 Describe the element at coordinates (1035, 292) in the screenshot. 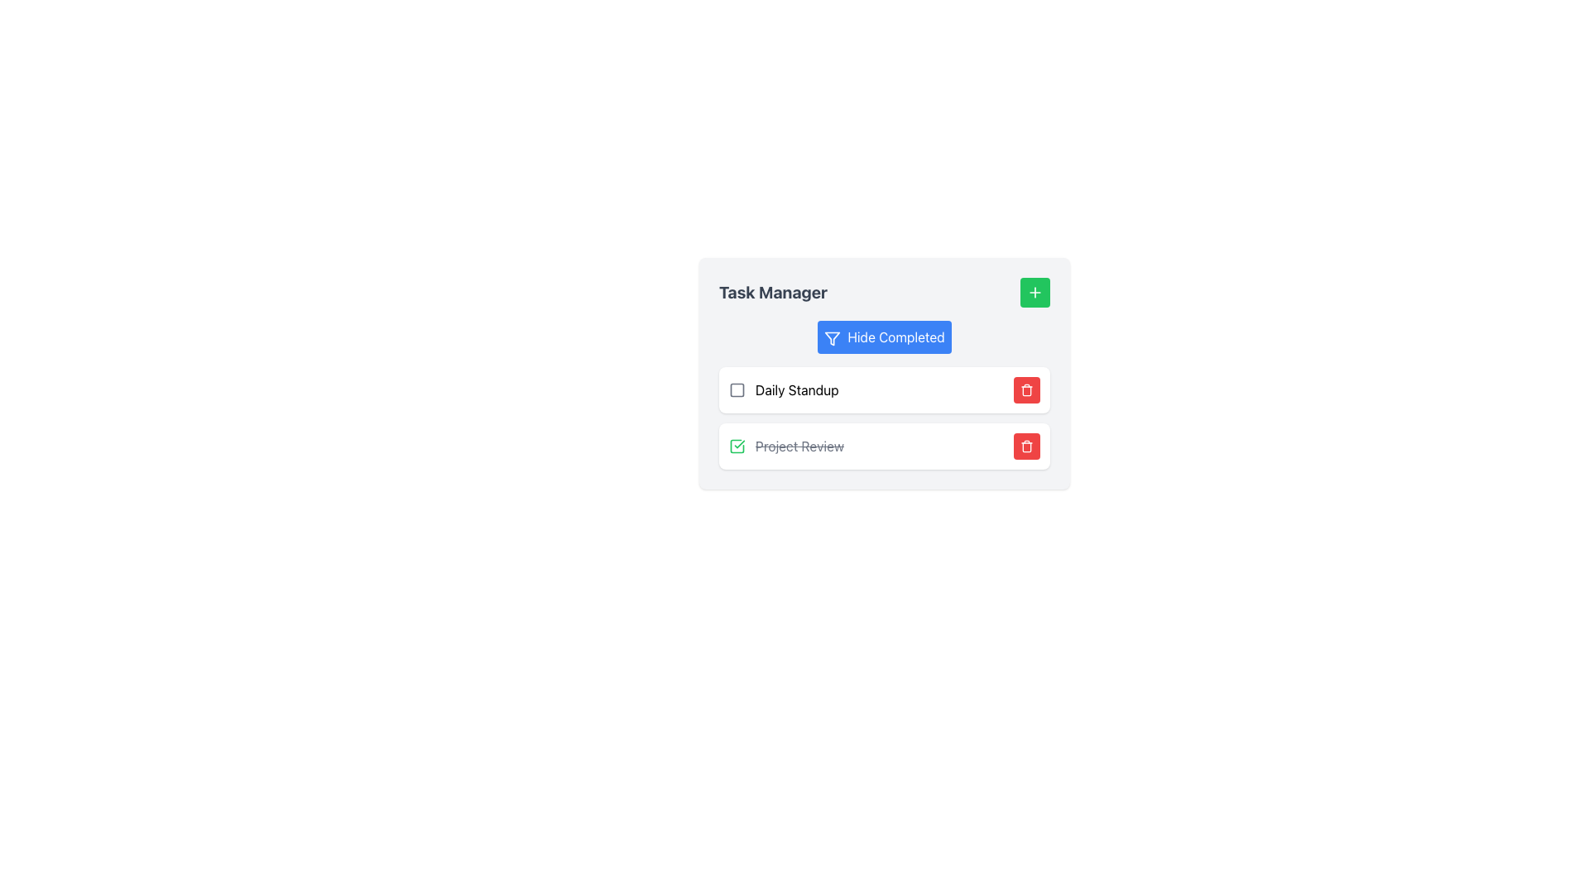

I see `the 'Add Task' button located in the top-right corner of the 'Task Manager' header section, next to the 'Hide Completed' button` at that location.